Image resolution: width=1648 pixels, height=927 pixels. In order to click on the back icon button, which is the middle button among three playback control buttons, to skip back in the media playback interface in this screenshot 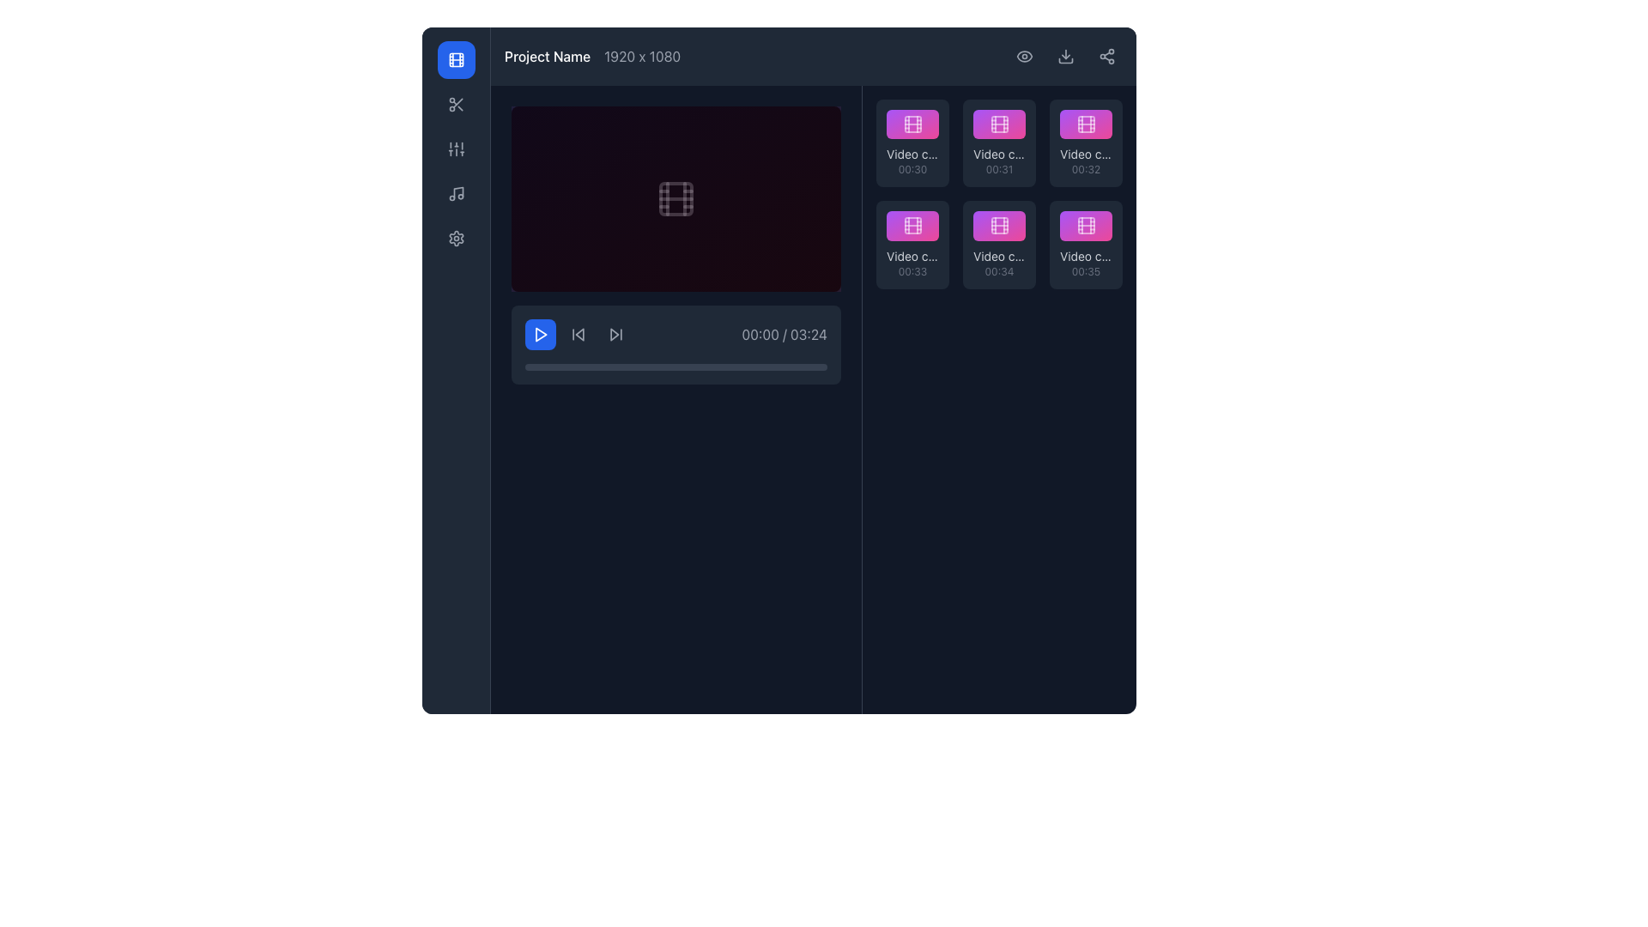, I will do `click(578, 334)`.